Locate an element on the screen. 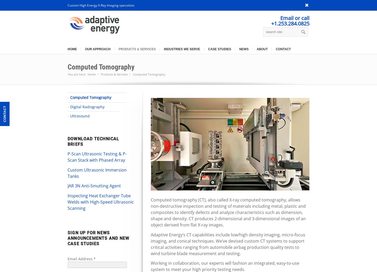 Image resolution: width=377 pixels, height=272 pixels. 'Sign' is located at coordinates (73, 233).